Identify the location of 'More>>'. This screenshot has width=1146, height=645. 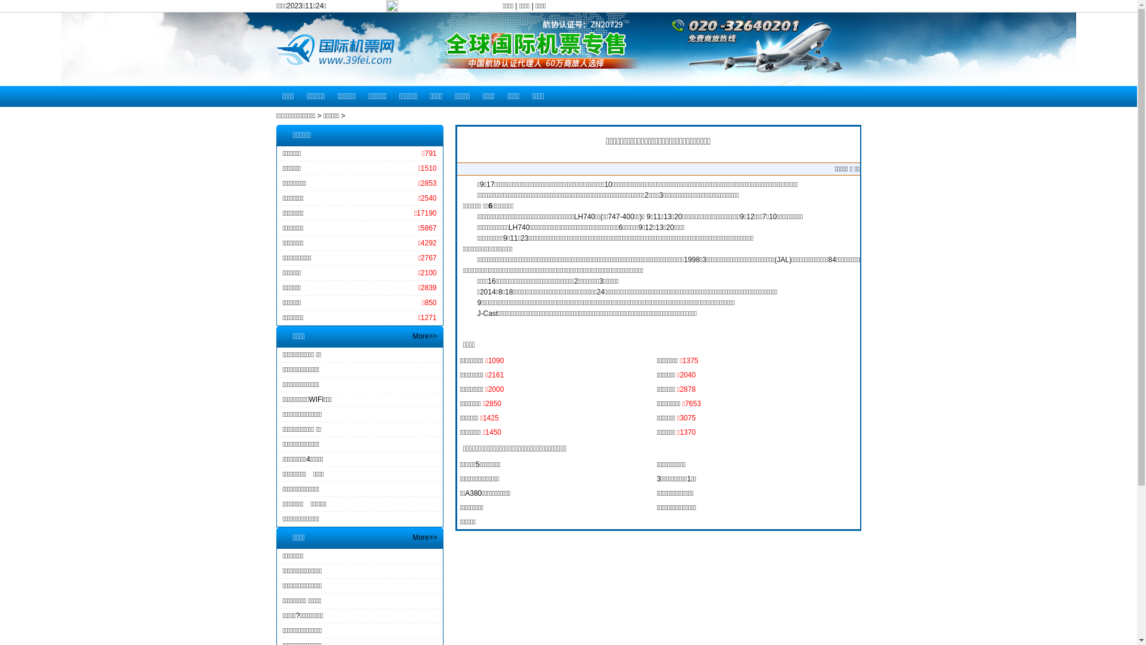
(424, 336).